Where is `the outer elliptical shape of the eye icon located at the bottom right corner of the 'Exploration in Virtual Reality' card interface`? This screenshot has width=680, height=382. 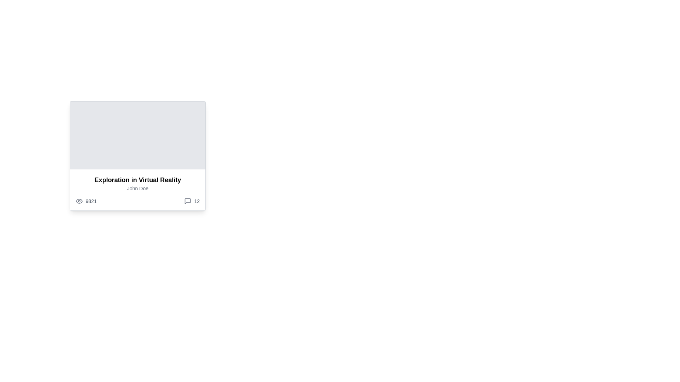
the outer elliptical shape of the eye icon located at the bottom right corner of the 'Exploration in Virtual Reality' card interface is located at coordinates (79, 201).